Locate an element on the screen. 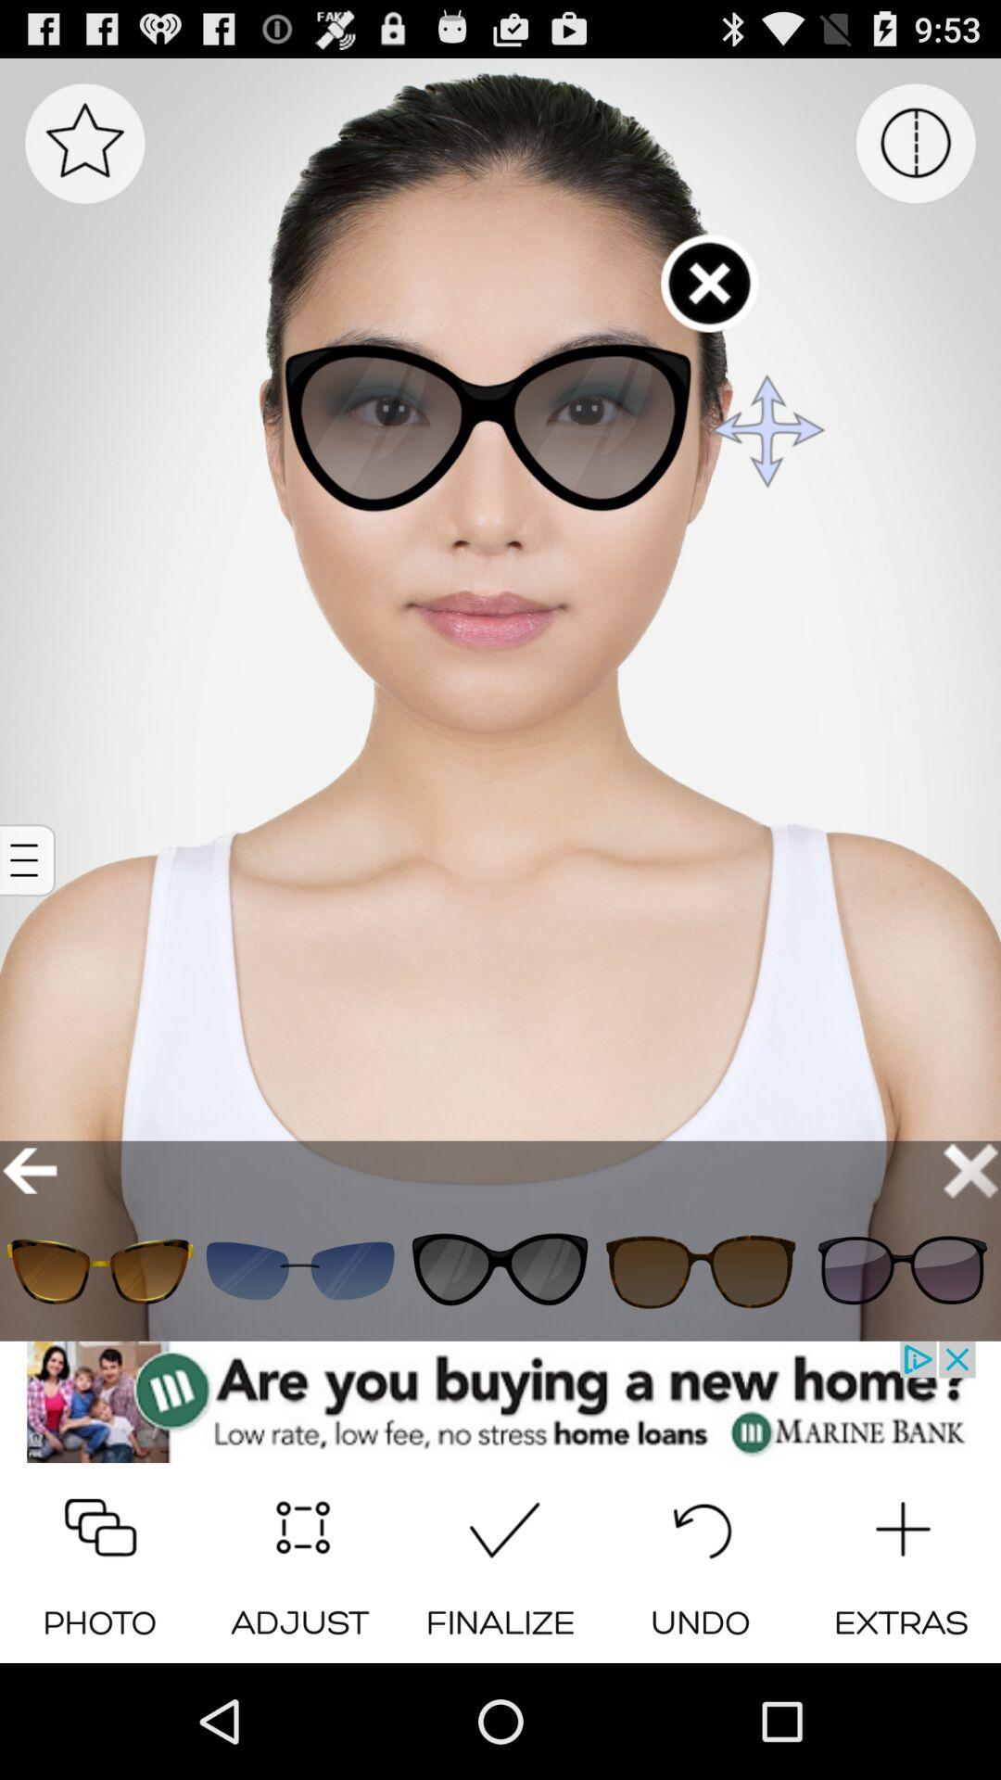 The image size is (1001, 1780). choose a glass button is located at coordinates (701, 1270).